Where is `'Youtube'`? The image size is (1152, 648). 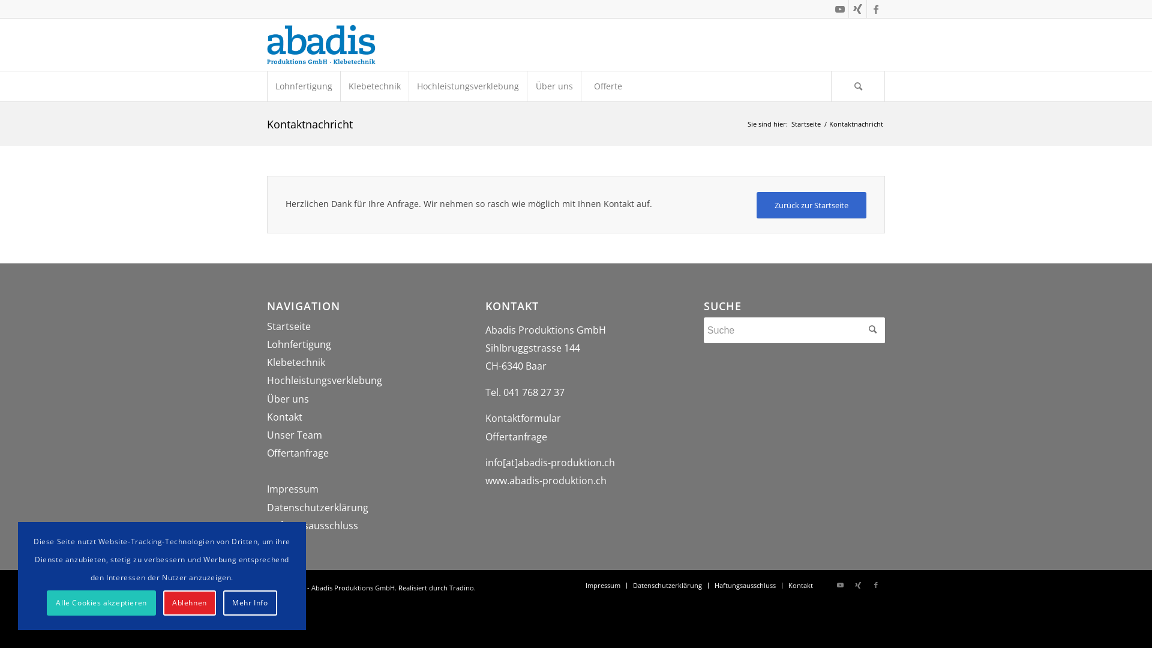 'Youtube' is located at coordinates (830, 584).